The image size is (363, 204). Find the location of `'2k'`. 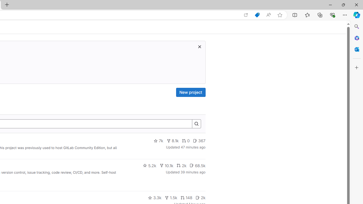

'2k' is located at coordinates (201, 197).